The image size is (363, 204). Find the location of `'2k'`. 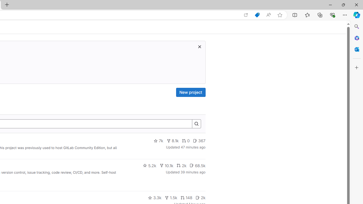

'2k' is located at coordinates (201, 197).